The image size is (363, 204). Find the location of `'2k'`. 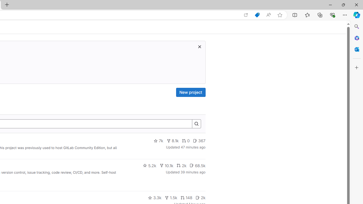

'2k' is located at coordinates (201, 197).